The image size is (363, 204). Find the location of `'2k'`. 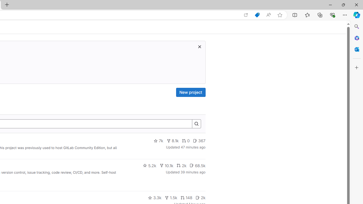

'2k' is located at coordinates (201, 197).